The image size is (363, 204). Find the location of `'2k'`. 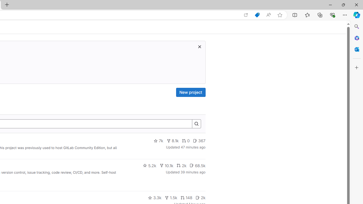

'2k' is located at coordinates (201, 197).